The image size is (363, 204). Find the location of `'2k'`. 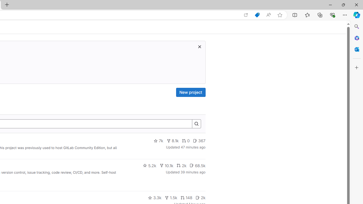

'2k' is located at coordinates (201, 197).